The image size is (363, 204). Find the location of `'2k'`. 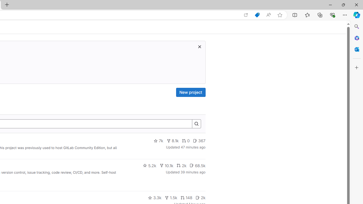

'2k' is located at coordinates (201, 197).